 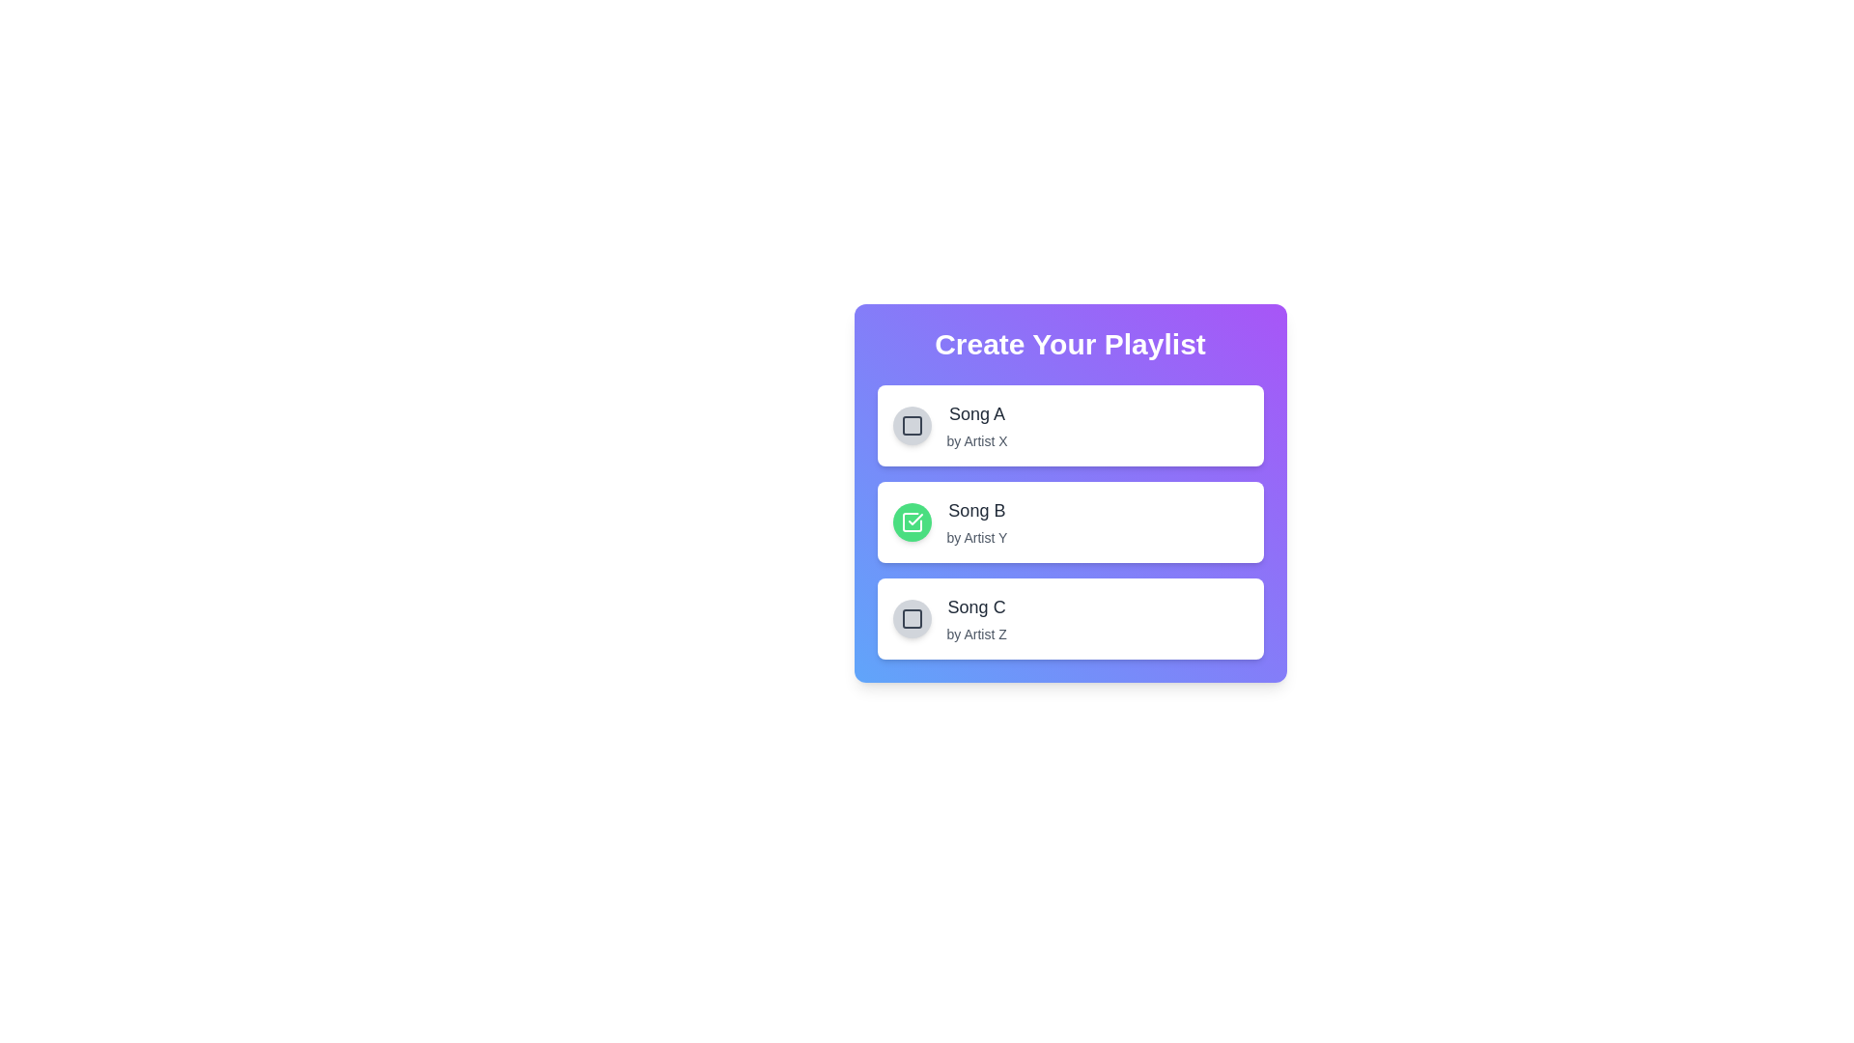 What do you see at coordinates (911, 521) in the screenshot?
I see `the checkbox for Song B by clicking it` at bounding box center [911, 521].